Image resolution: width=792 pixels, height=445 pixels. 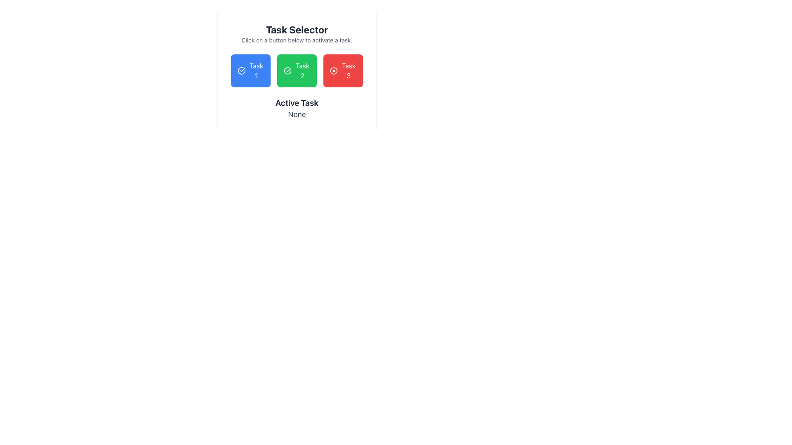 I want to click on the success indicator icon located within the 'Task 1' button, which is the first button in a horizontal row of three buttons, positioned below the 'Task Selector' heading and above the 'Active Task: None' text, so click(x=241, y=70).